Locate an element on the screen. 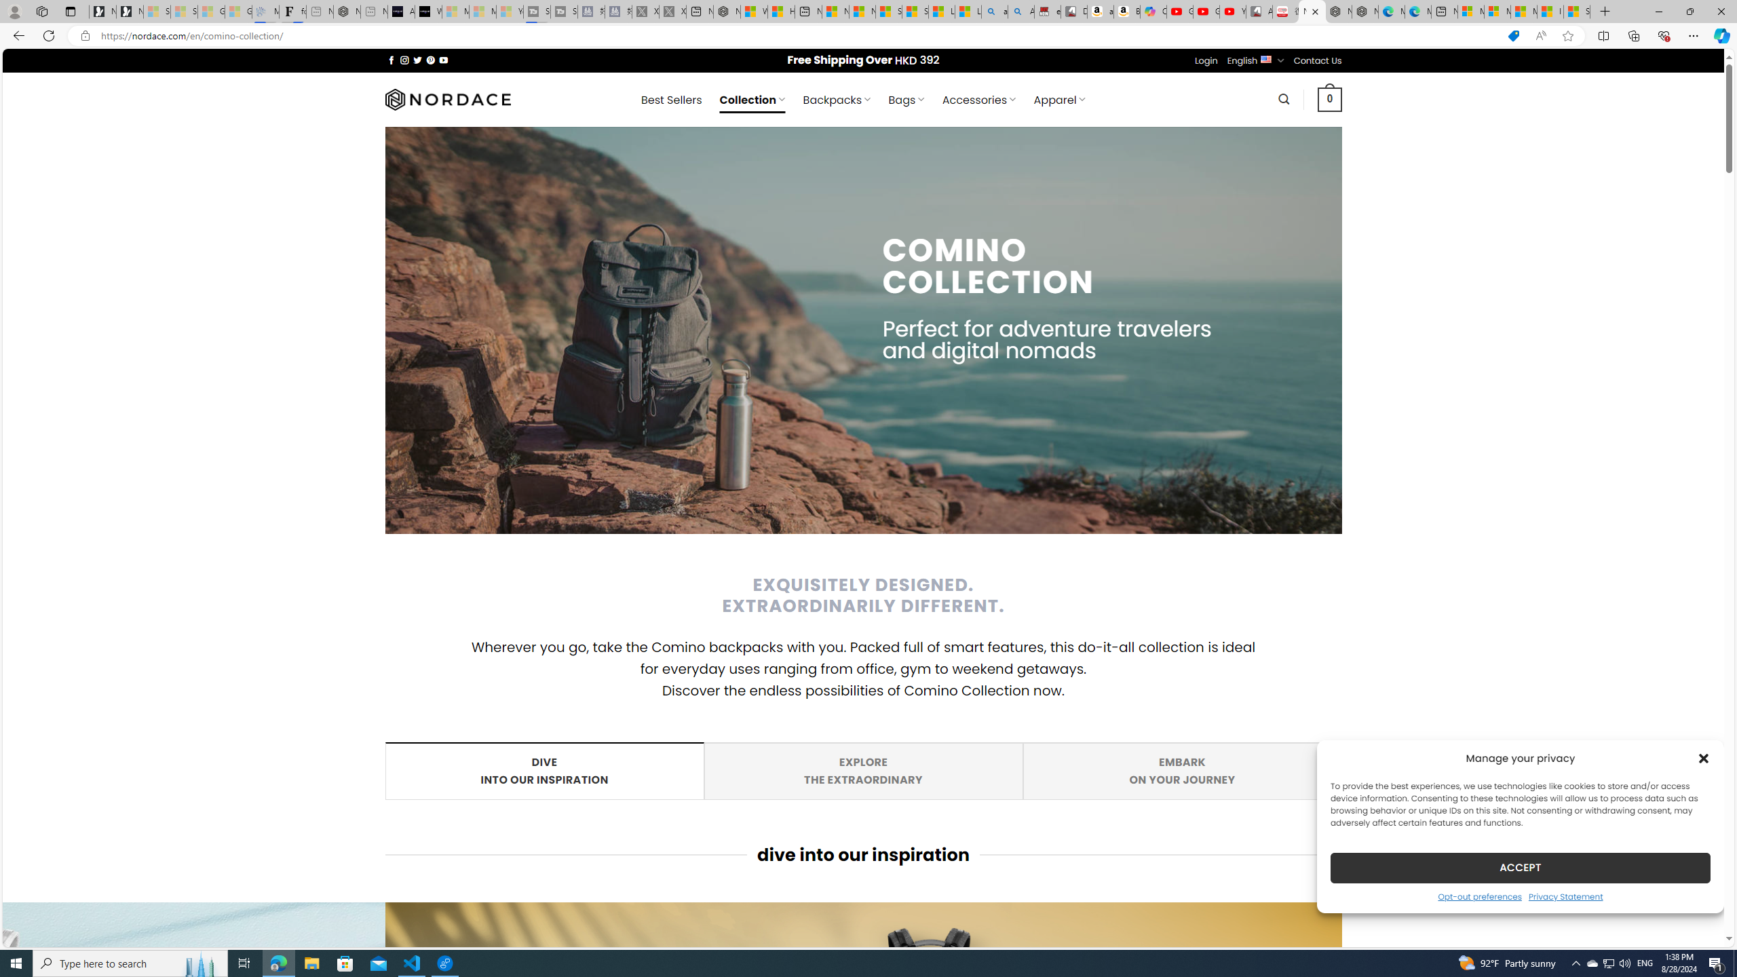  '  Best Sellers' is located at coordinates (670, 99).